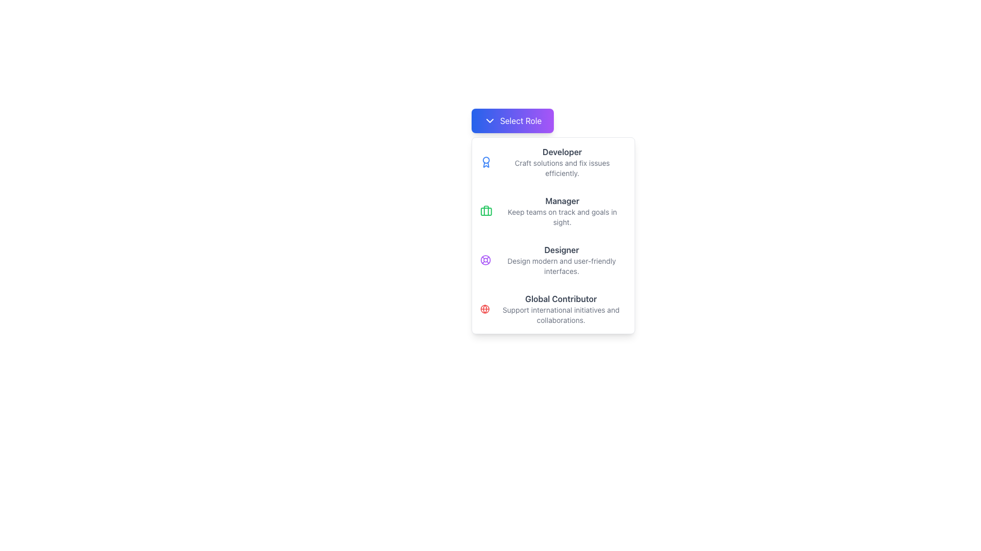  What do you see at coordinates (552, 236) in the screenshot?
I see `the third item in the 'Select Role' dropdown menu` at bounding box center [552, 236].